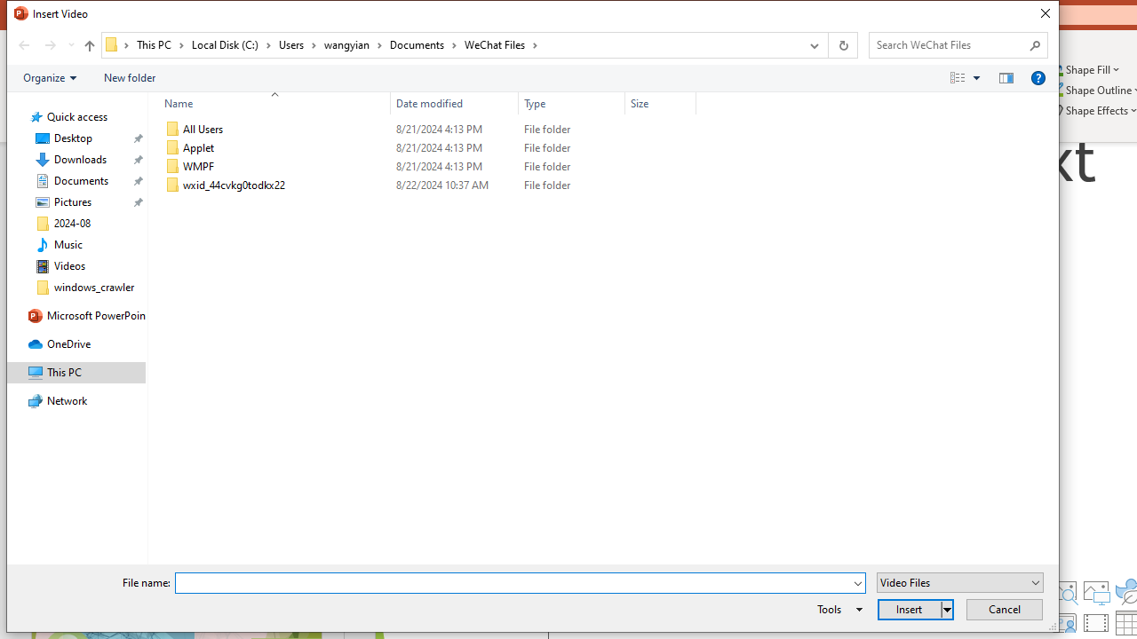  I want to click on 'Back (Alt + Left Arrow)', so click(23, 44).